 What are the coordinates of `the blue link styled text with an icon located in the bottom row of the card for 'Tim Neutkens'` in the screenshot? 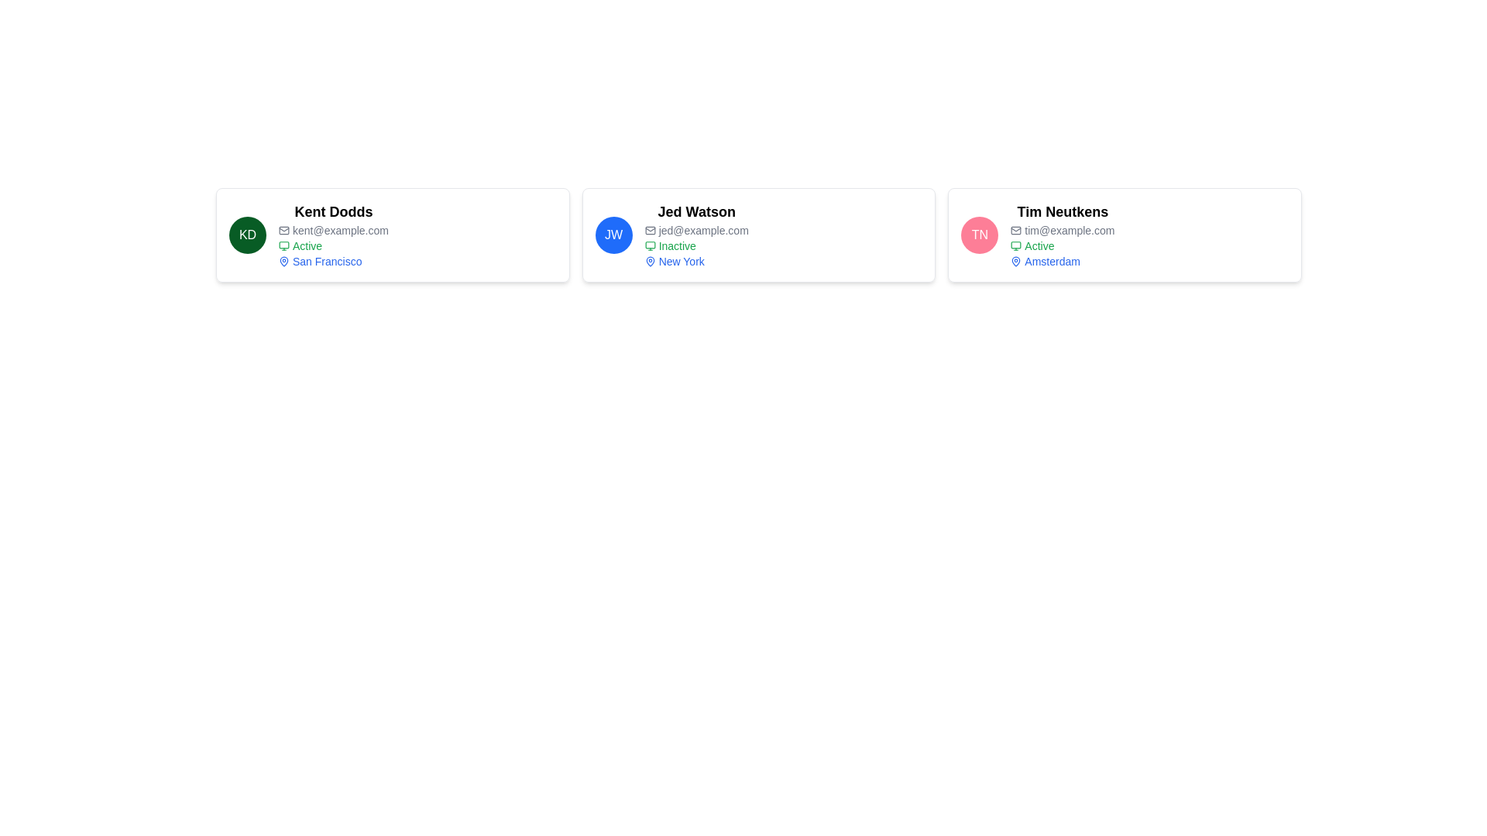 It's located at (1062, 261).